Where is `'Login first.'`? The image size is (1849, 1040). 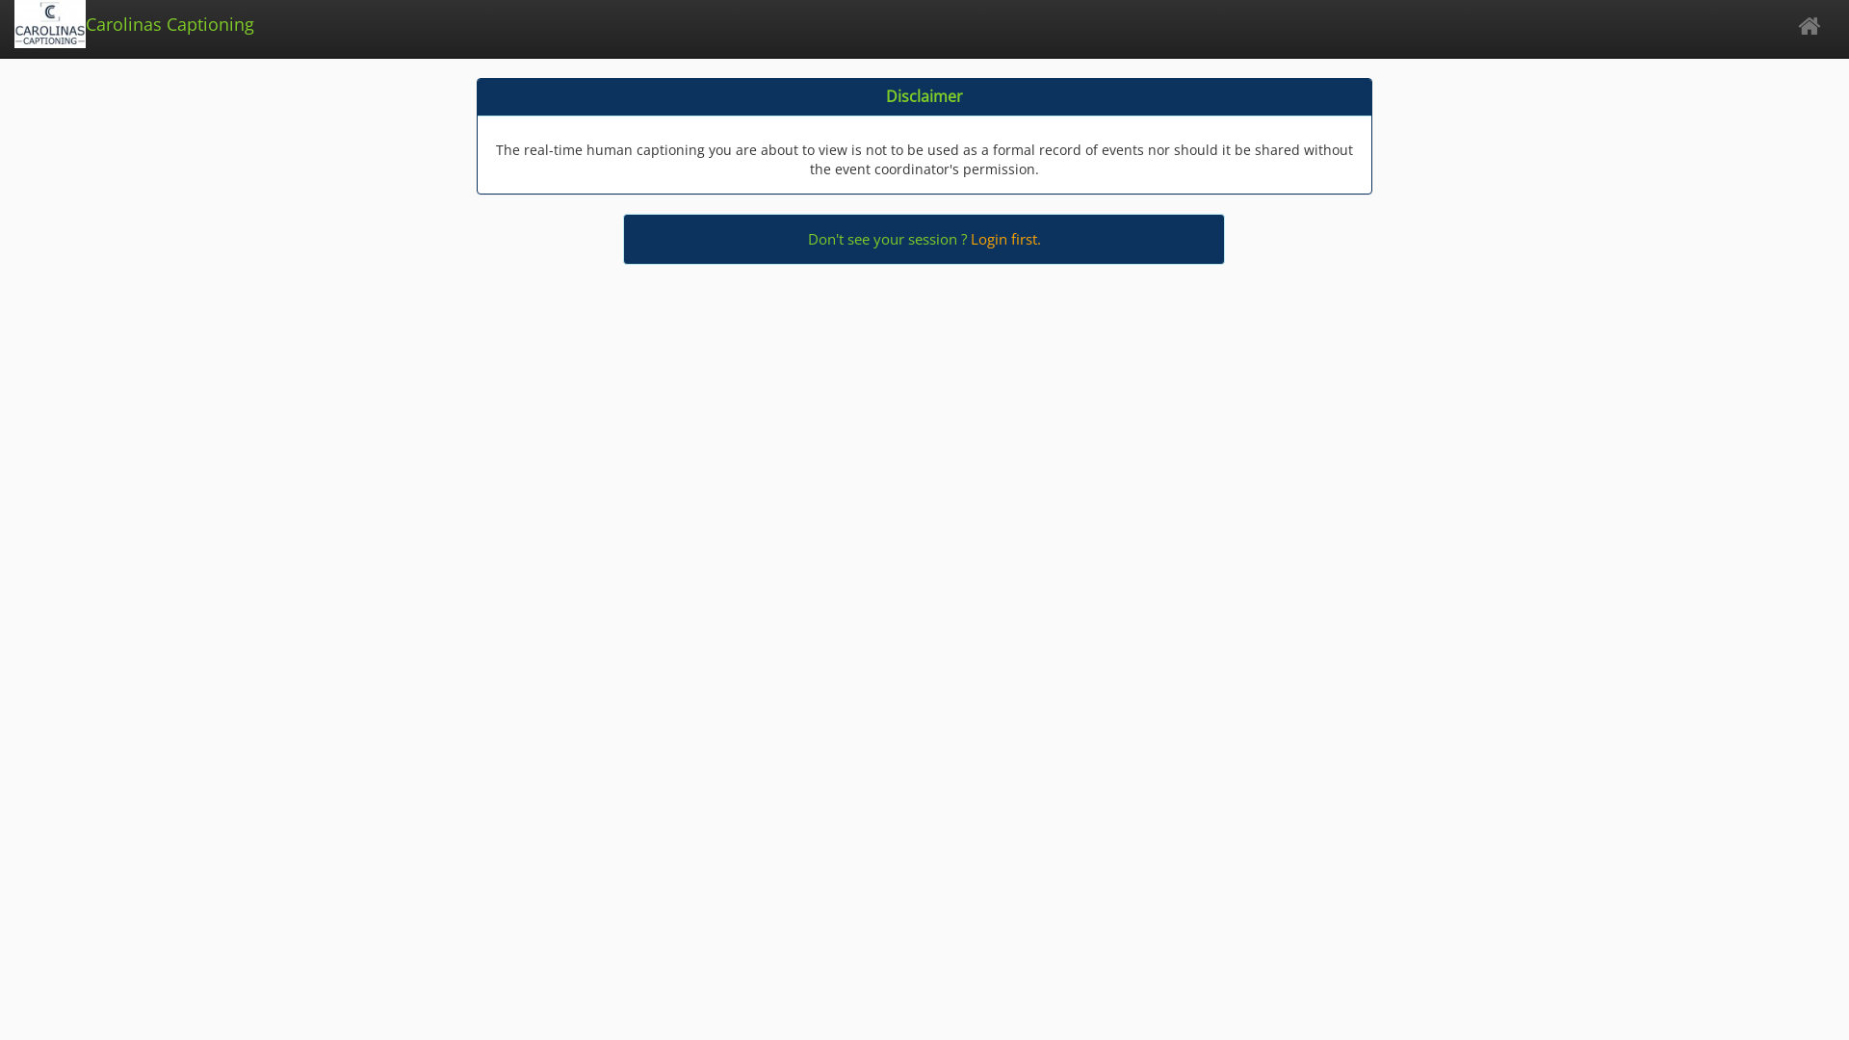
'Login first.' is located at coordinates (1004, 237).